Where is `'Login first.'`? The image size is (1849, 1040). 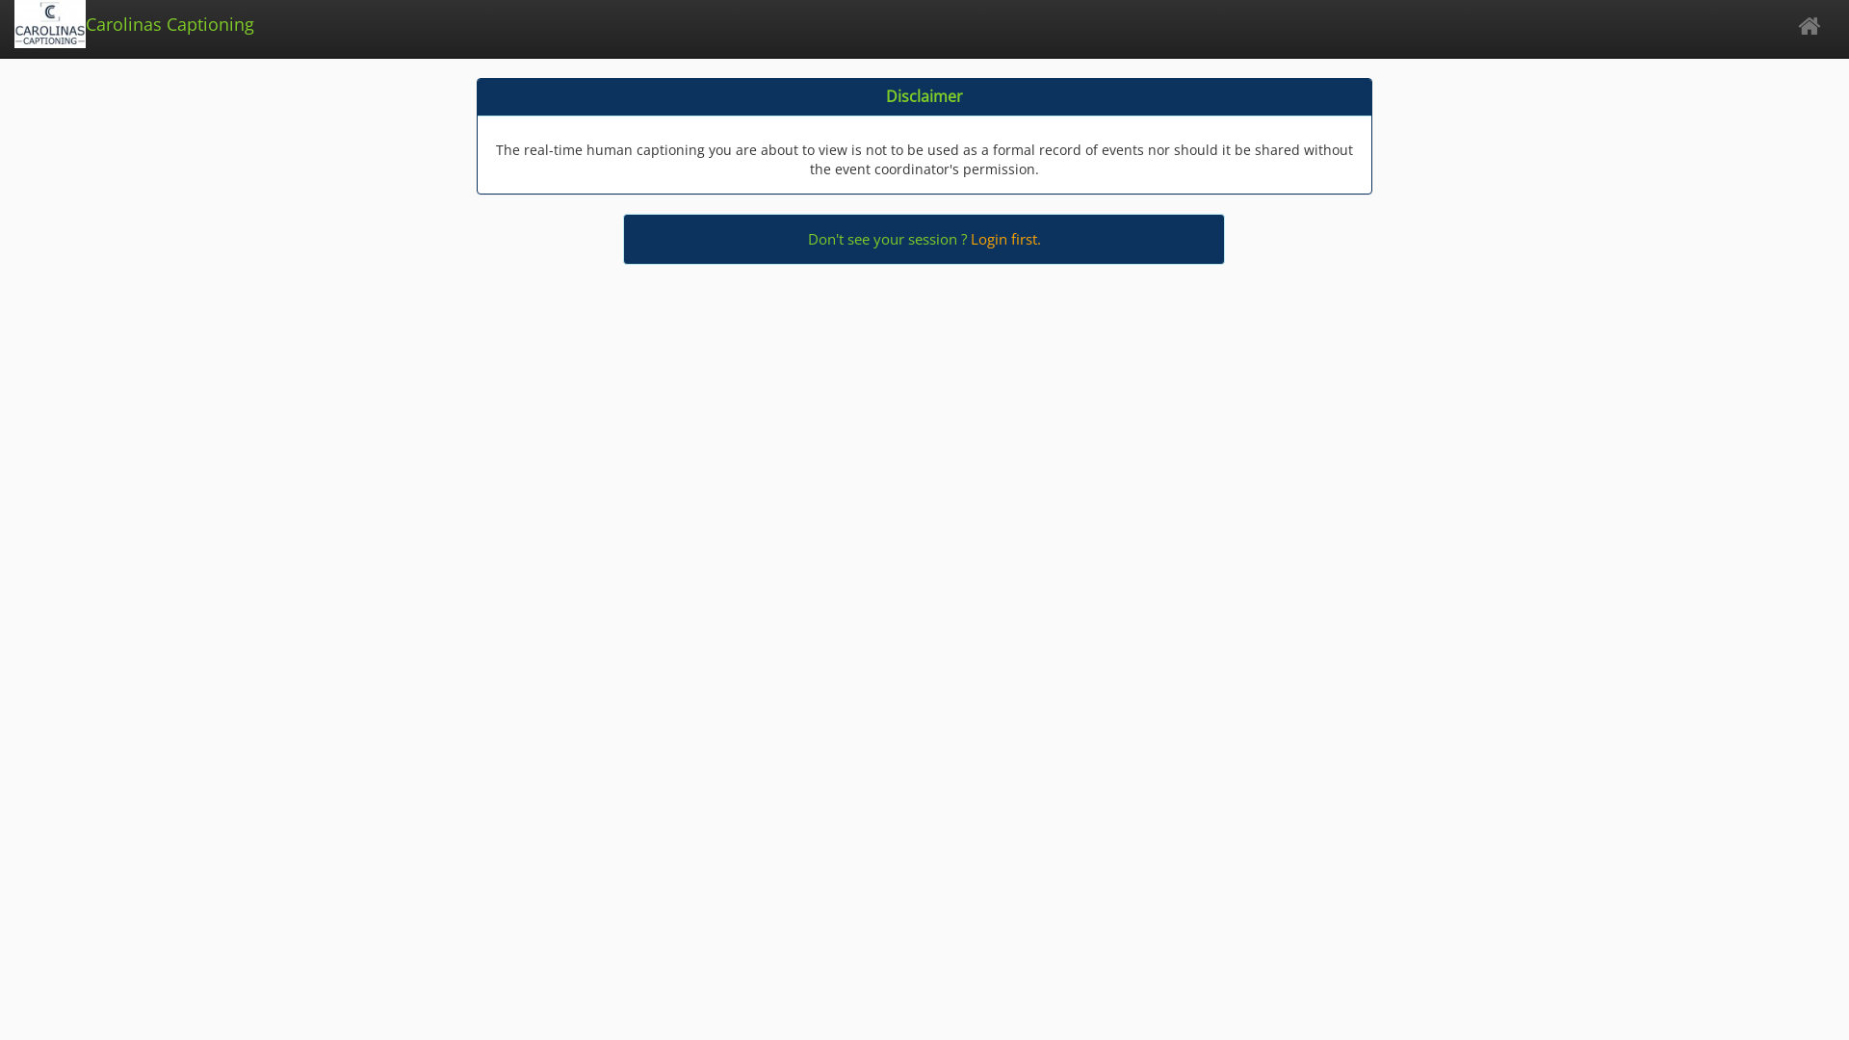
'Login first.' is located at coordinates (1004, 237).